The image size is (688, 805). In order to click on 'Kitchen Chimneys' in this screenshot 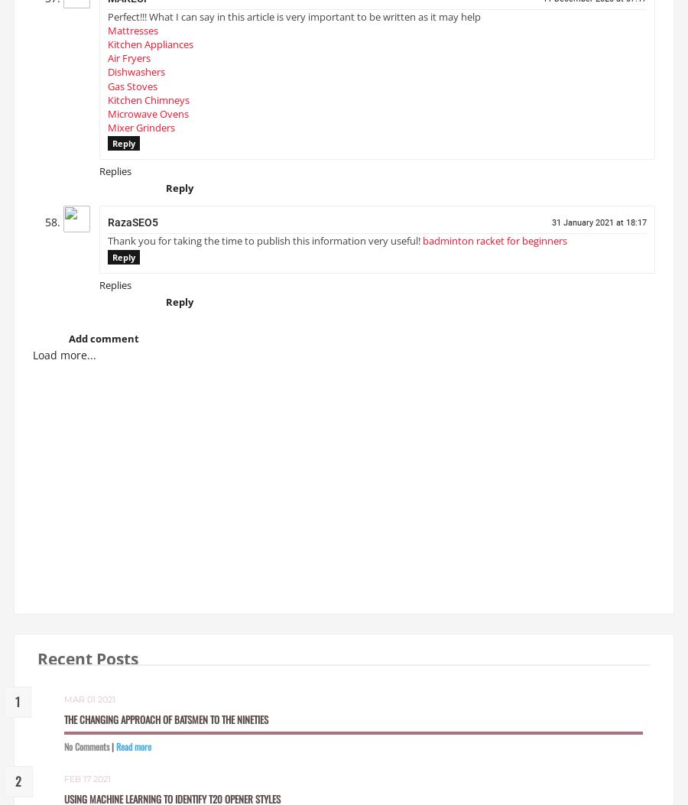, I will do `click(108, 105)`.